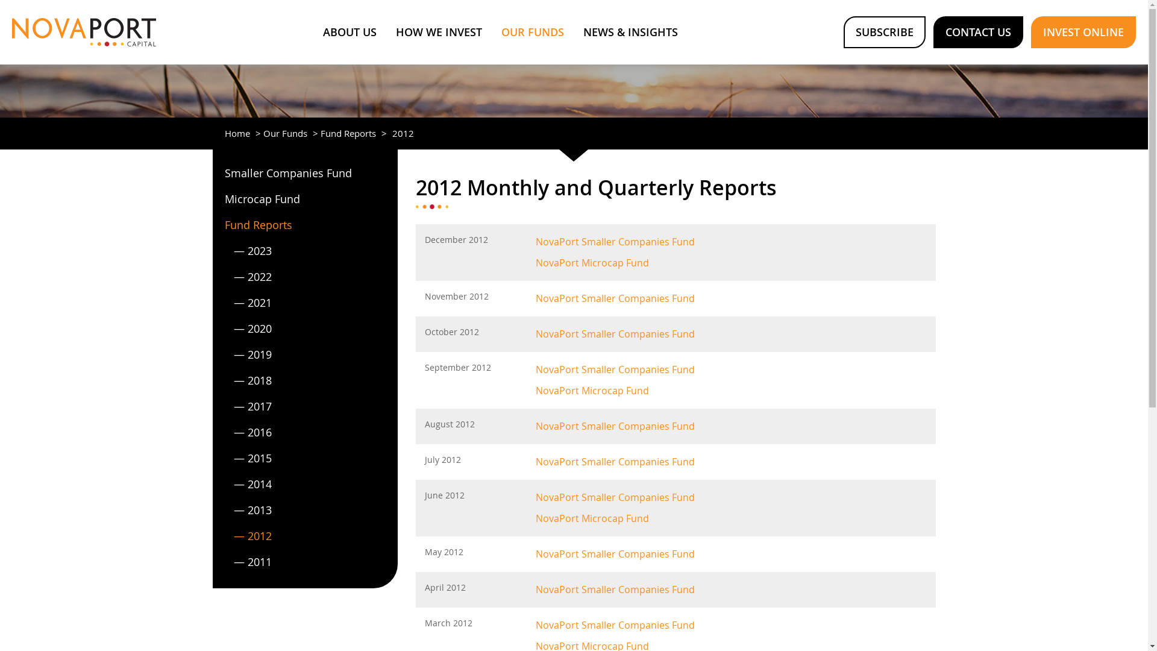 This screenshot has height=651, width=1157. What do you see at coordinates (1083, 31) in the screenshot?
I see `'INVEST ONLINE'` at bounding box center [1083, 31].